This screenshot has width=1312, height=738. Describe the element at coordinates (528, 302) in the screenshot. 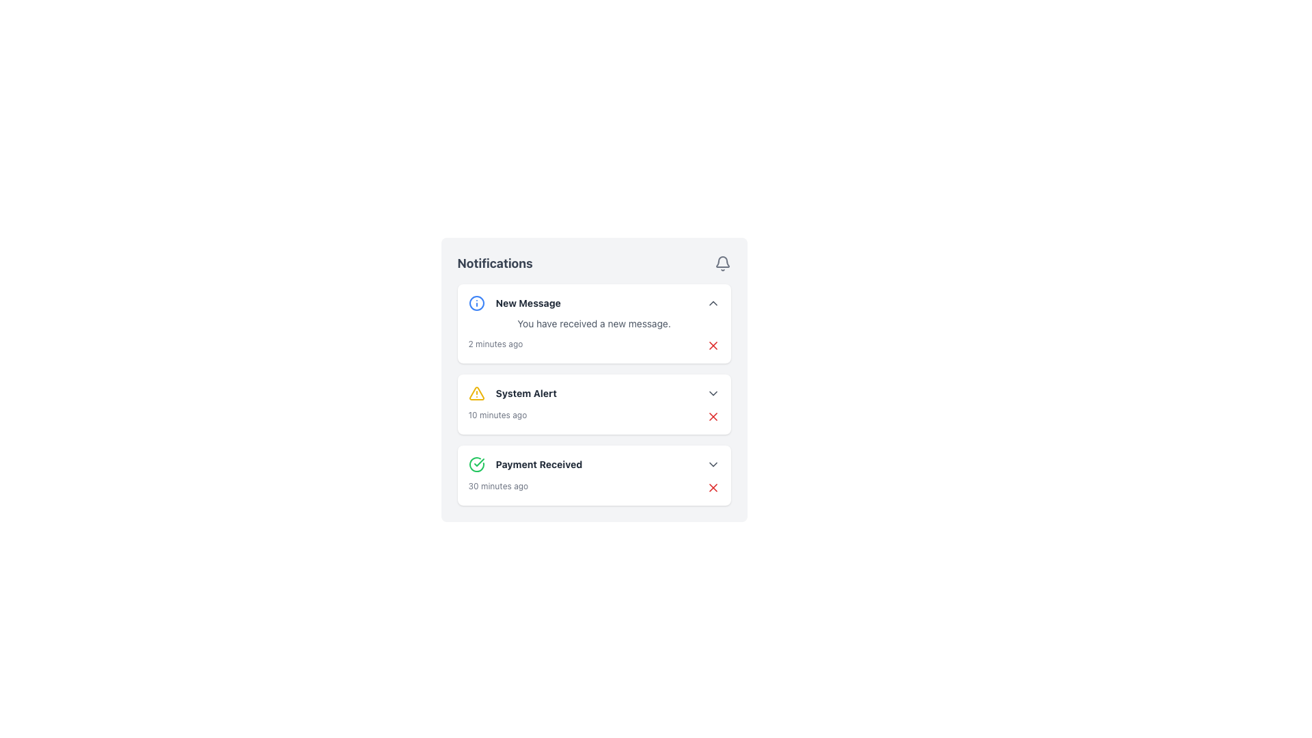

I see `the text label that serves as the title of the notification item, positioned to the right of a blue circular icon and above the notification details text in the first notification card` at that location.